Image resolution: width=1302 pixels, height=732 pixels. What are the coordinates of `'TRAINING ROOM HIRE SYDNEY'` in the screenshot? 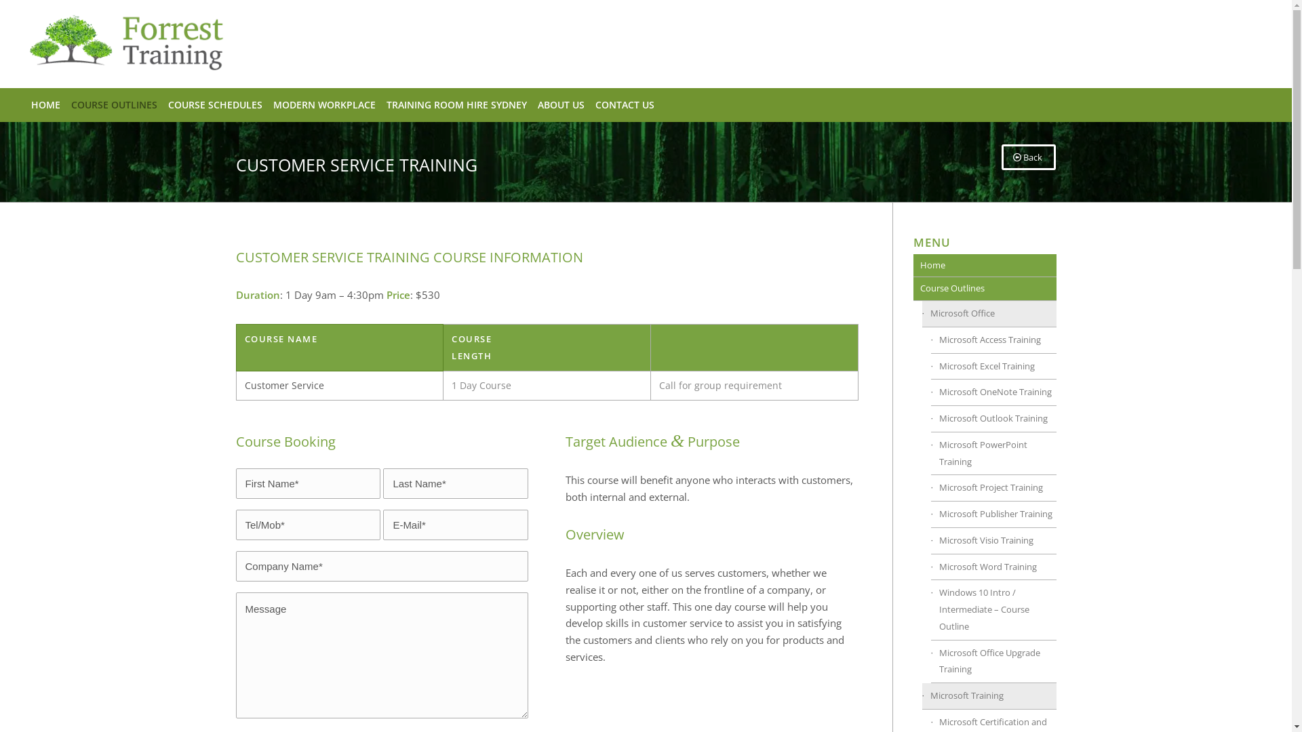 It's located at (380, 104).